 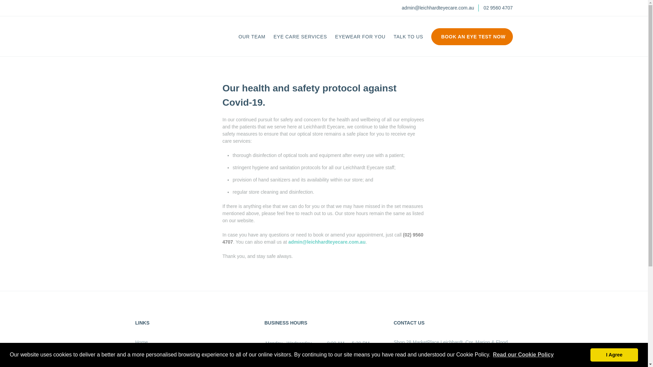 What do you see at coordinates (238, 37) in the screenshot?
I see `'OUR TEAM'` at bounding box center [238, 37].